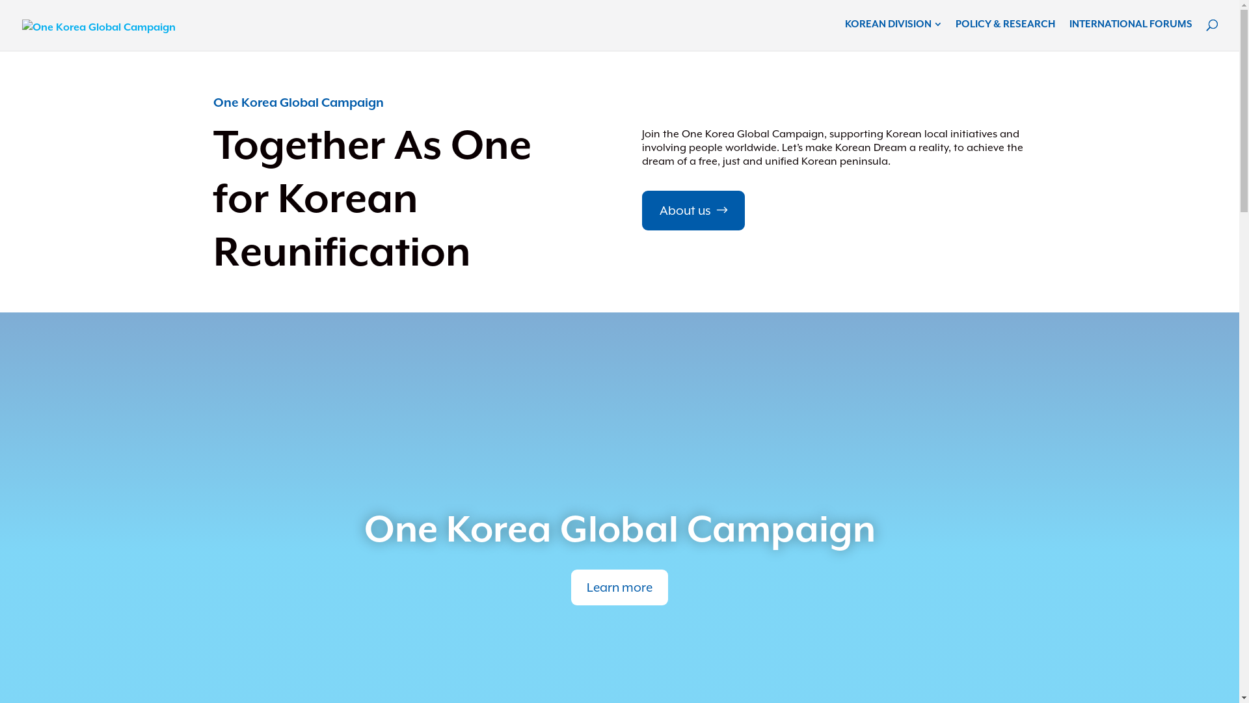 Image resolution: width=1249 pixels, height=703 pixels. Describe the element at coordinates (1004, 25) in the screenshot. I see `'POLICY & RESEARCH'` at that location.